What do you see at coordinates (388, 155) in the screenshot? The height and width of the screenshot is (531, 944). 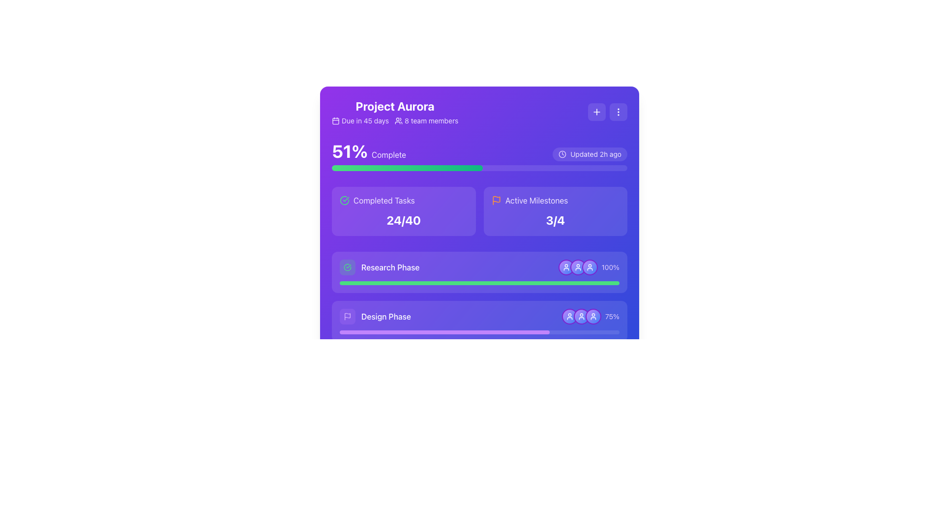 I see `the informational text label that provides context for the completion percentage displayed to its left, which is positioned to the right of the bolded '51%' text` at bounding box center [388, 155].